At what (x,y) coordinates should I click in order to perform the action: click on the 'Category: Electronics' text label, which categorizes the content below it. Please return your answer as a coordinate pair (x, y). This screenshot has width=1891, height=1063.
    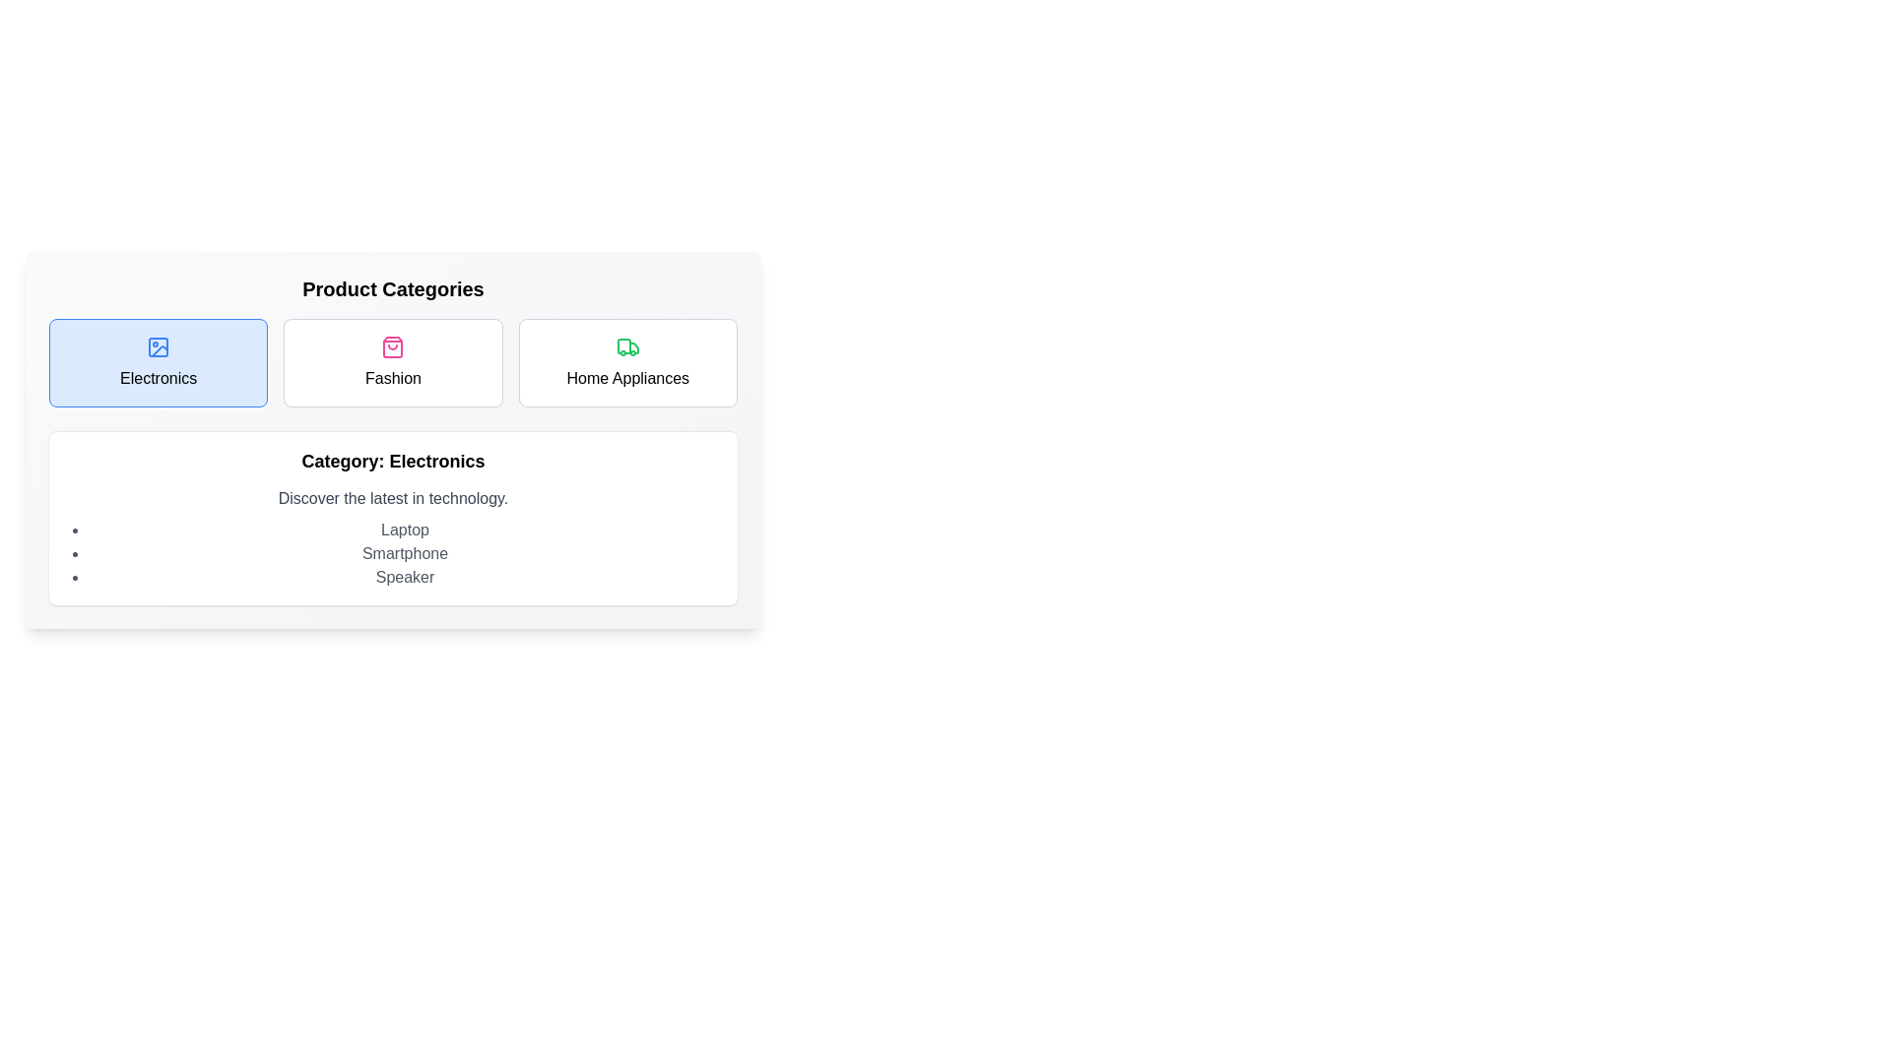
    Looking at the image, I should click on (393, 462).